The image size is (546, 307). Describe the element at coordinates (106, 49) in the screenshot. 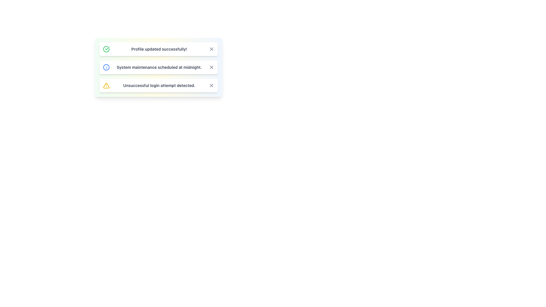

I see `the success indicator icon located to the left of the notification text 'Profile updated successfully!' in the first notification card` at that location.